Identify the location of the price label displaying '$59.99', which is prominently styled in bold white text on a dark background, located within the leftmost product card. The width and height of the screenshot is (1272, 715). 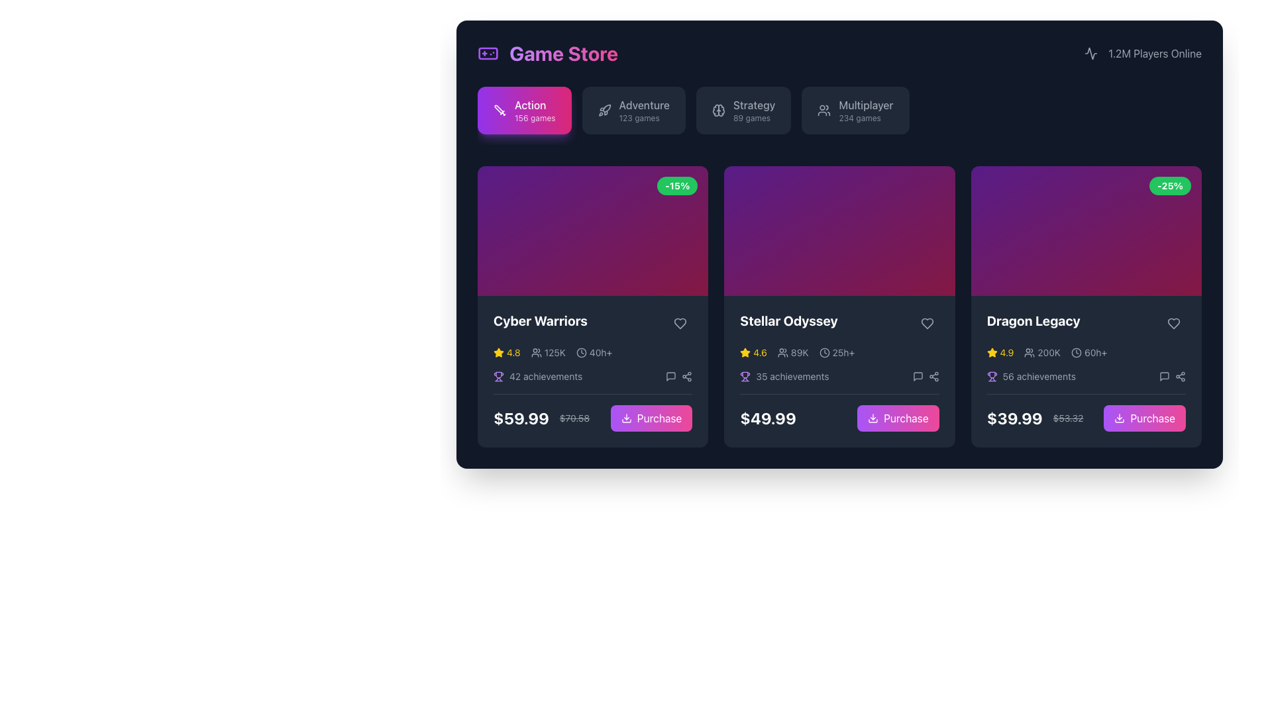
(521, 418).